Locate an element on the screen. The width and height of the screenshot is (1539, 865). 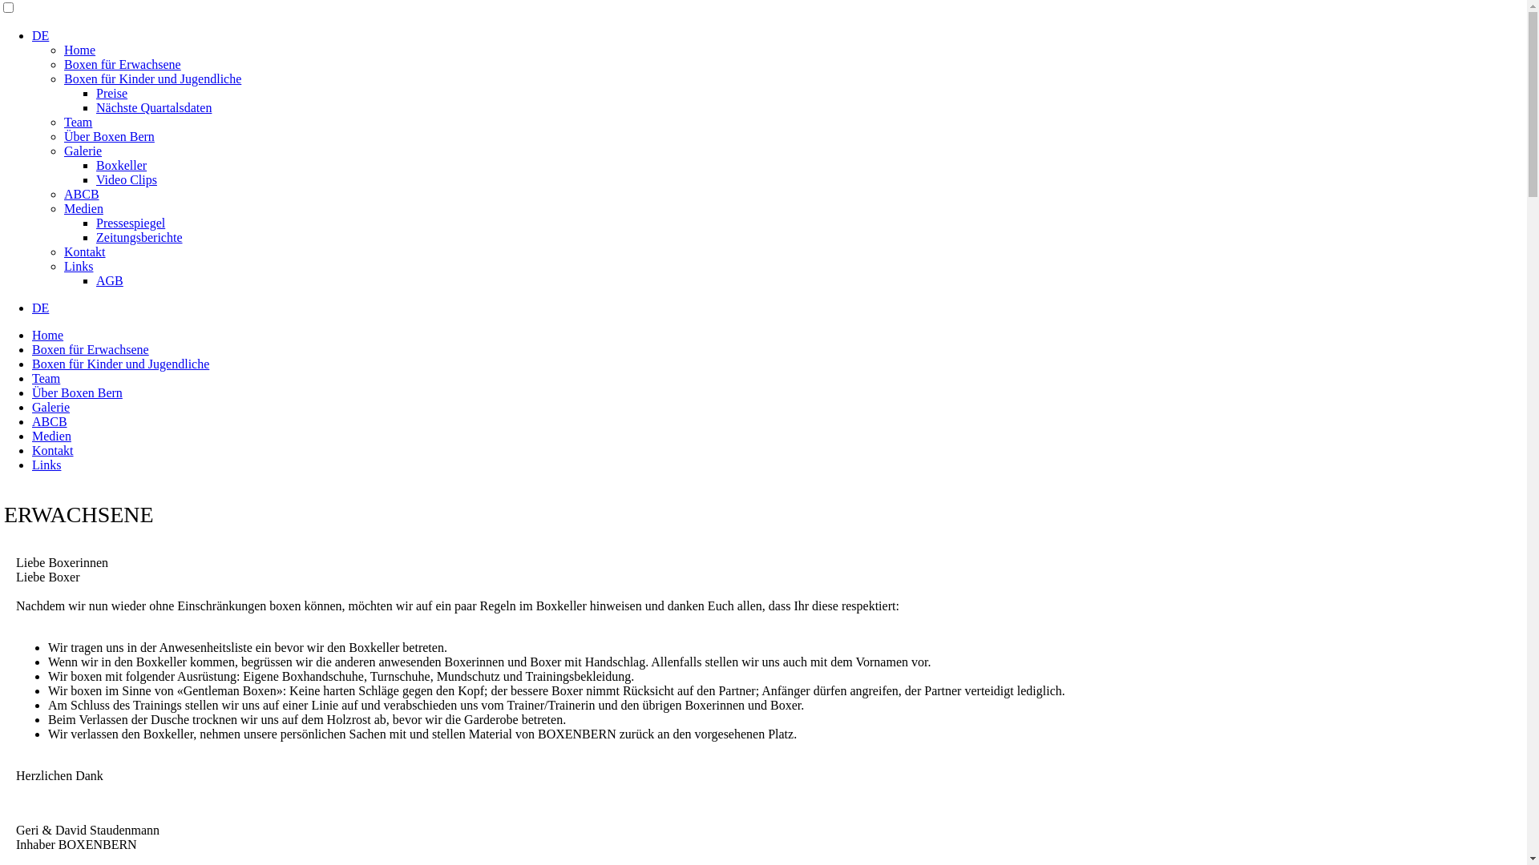
'Galerie' is located at coordinates (50, 406).